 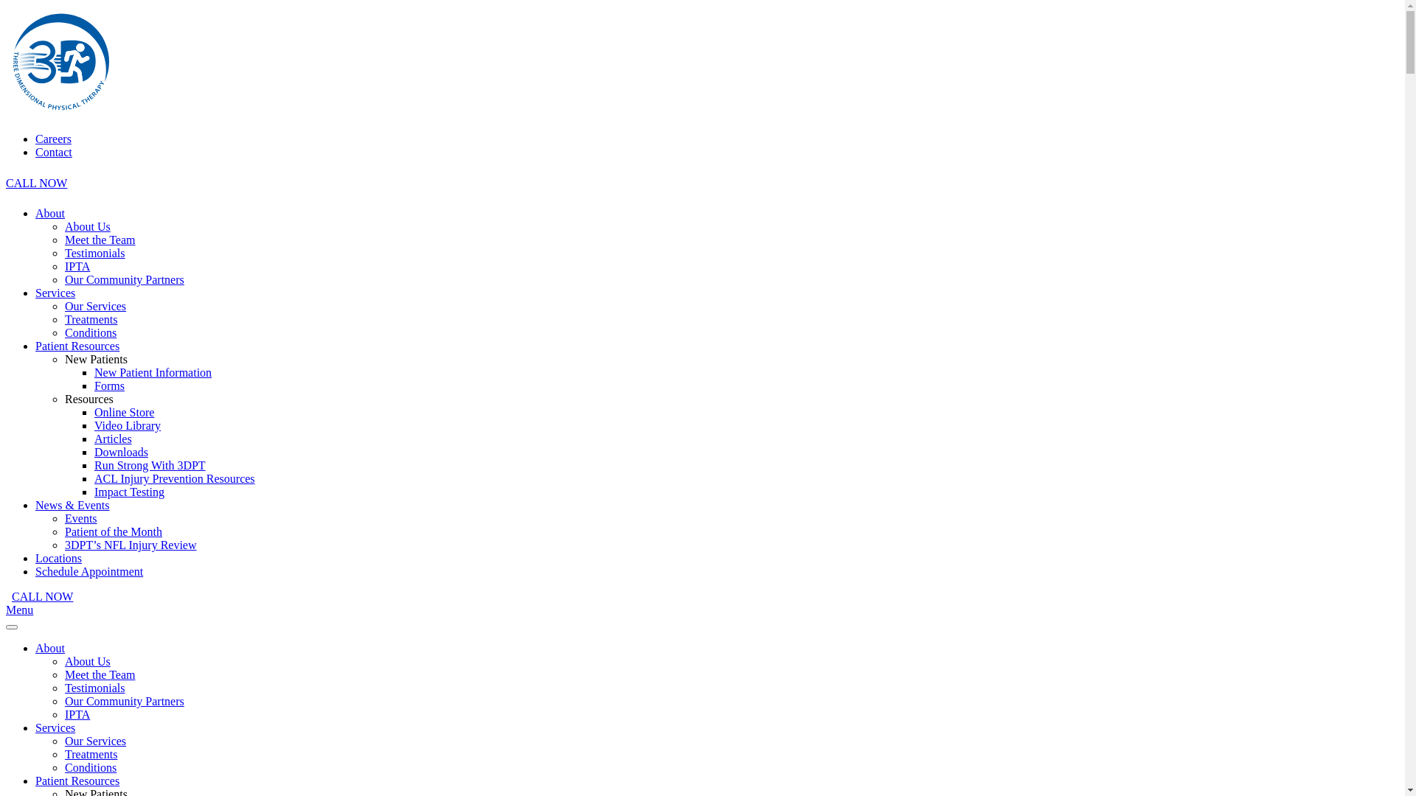 I want to click on 'Locations', so click(x=35, y=558).